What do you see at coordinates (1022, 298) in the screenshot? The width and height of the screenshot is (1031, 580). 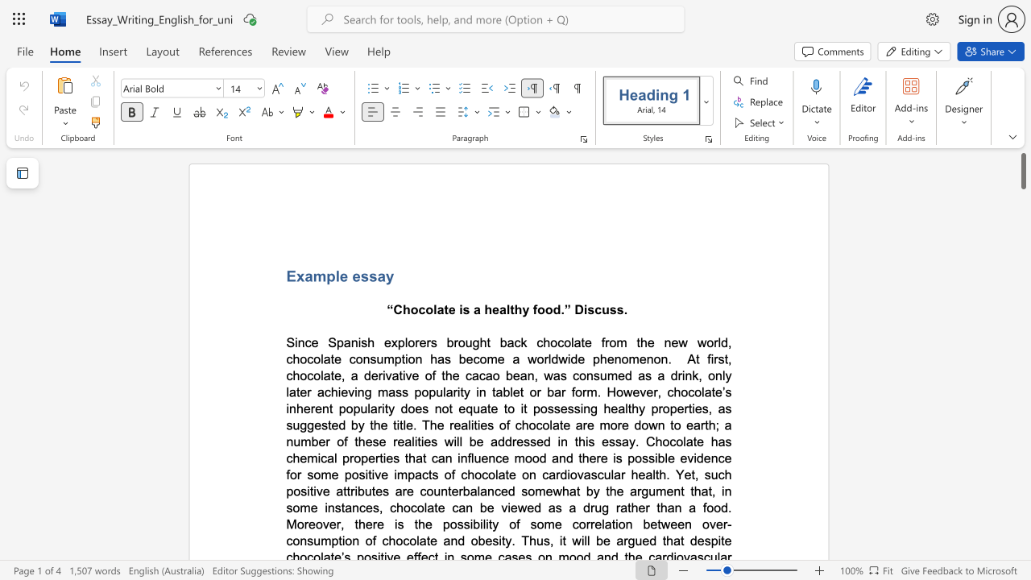 I see `the scrollbar to move the page downward` at bounding box center [1022, 298].